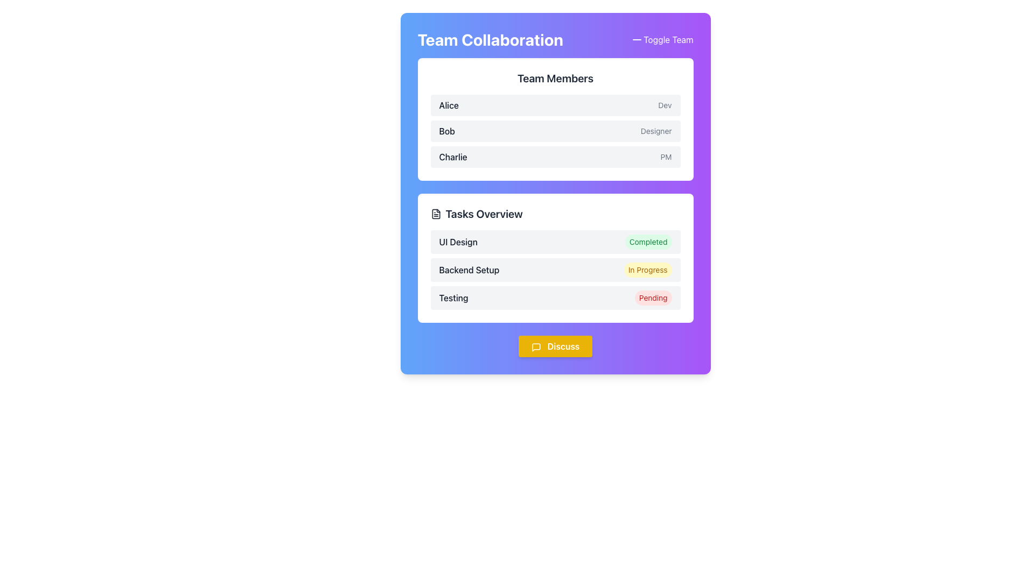 This screenshot has height=581, width=1034. I want to click on the informational text label that signifies 'Designer' associated with 'Bob', so click(655, 130).